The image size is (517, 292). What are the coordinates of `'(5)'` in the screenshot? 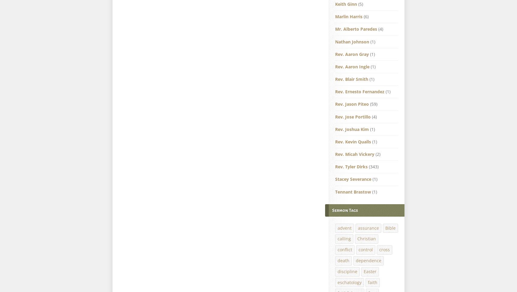 It's located at (360, 4).